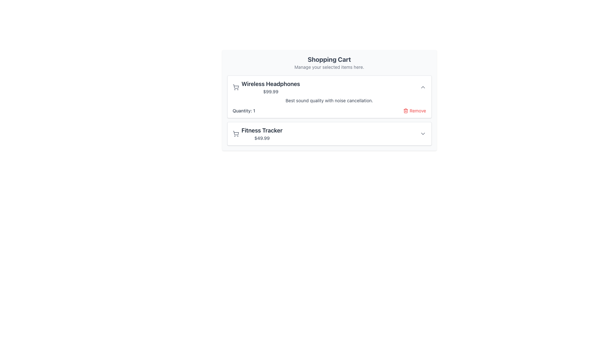  What do you see at coordinates (262, 130) in the screenshot?
I see `prominently displayed text label 'Fitness Tracker' for product identification in the shopping cart section` at bounding box center [262, 130].